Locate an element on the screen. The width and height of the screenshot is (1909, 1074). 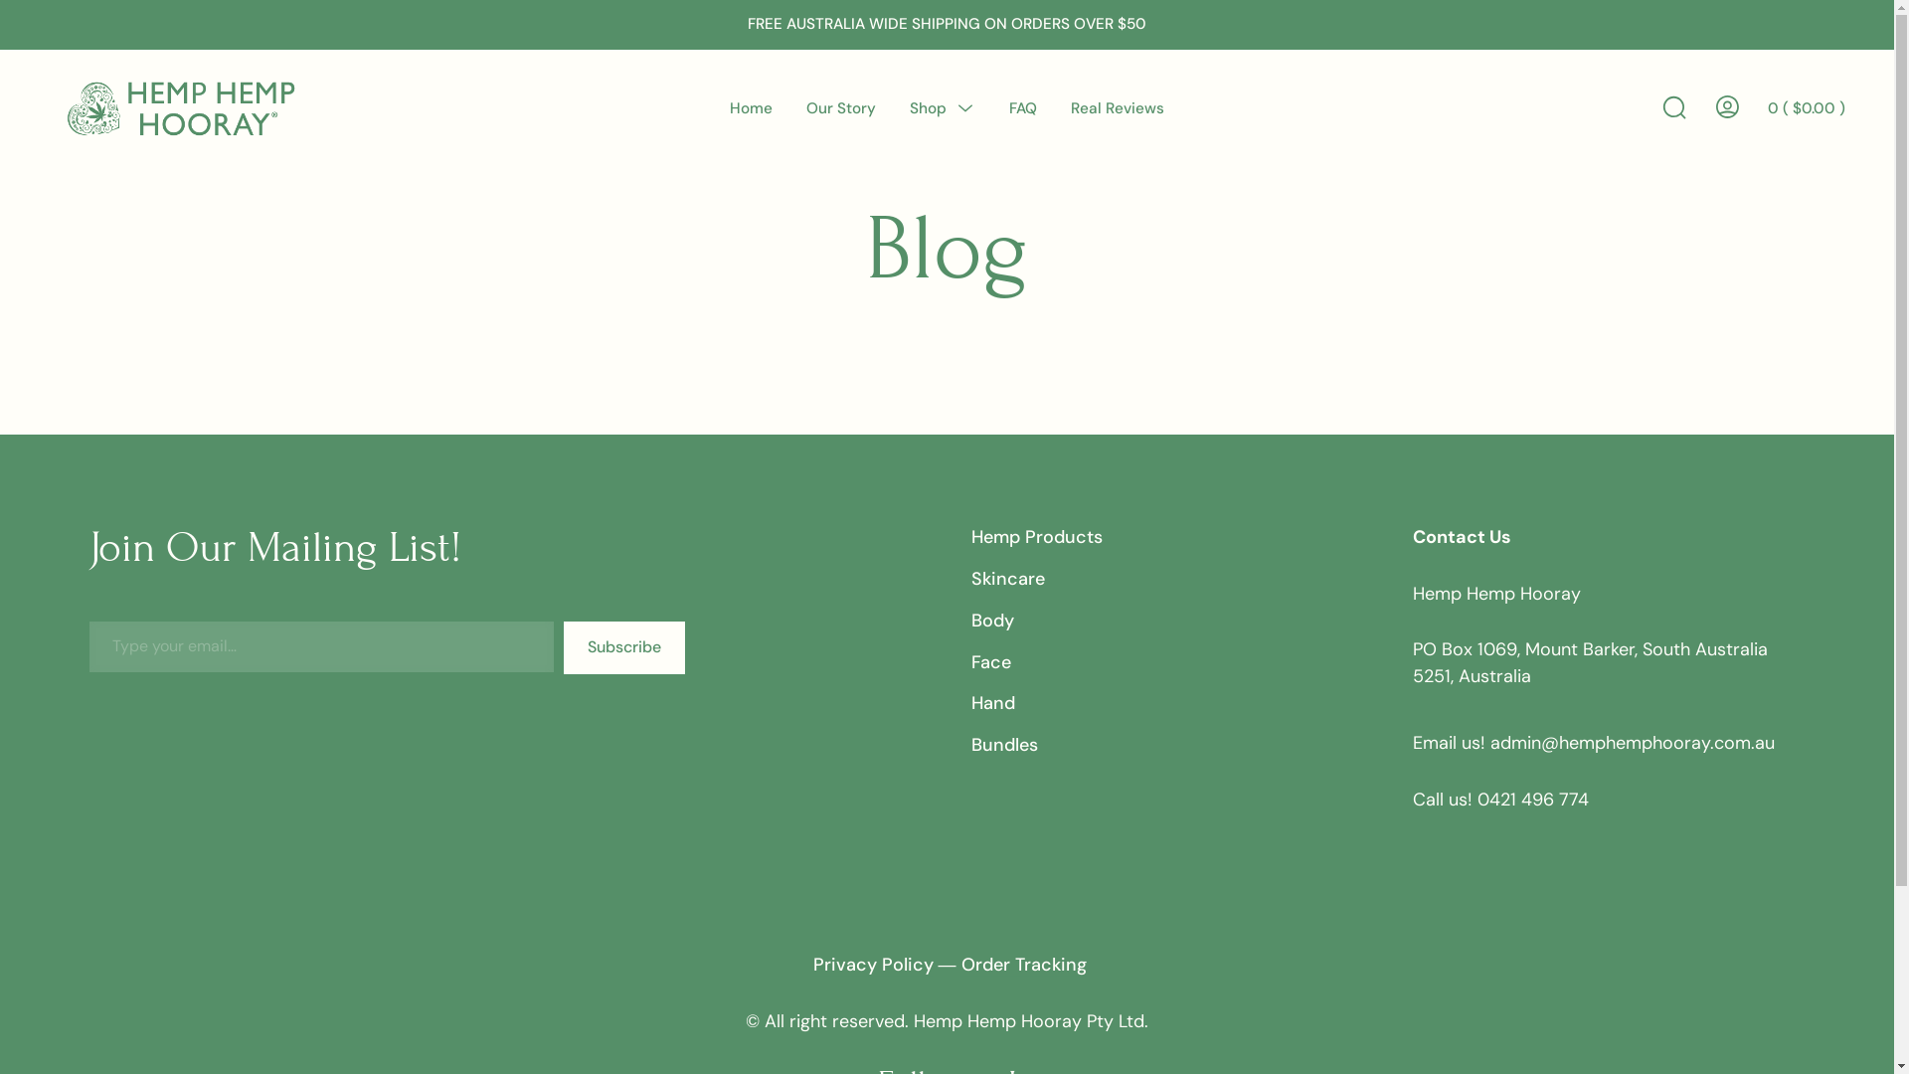
'Search Toggle' is located at coordinates (1670, 107).